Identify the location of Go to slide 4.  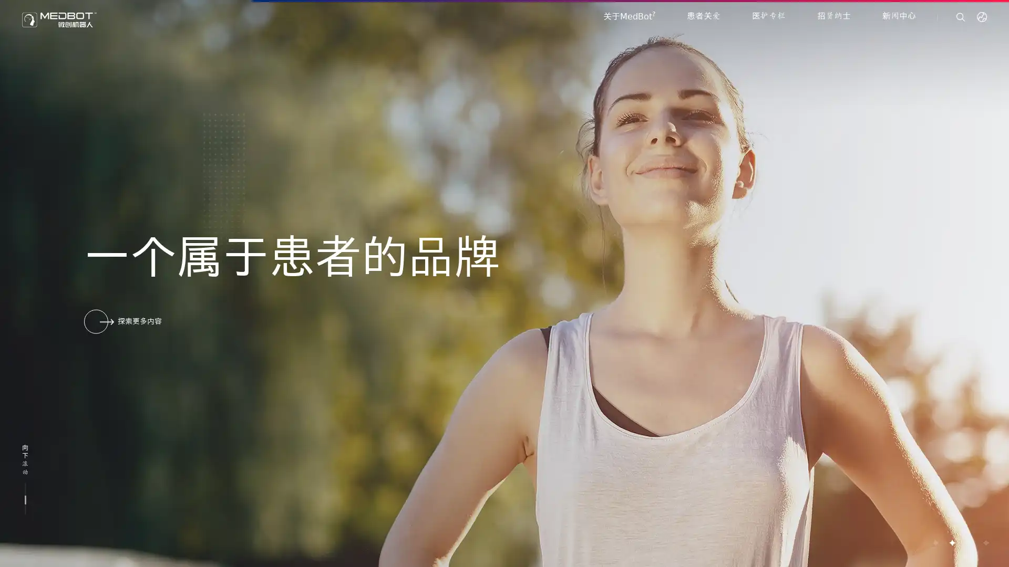
(985, 542).